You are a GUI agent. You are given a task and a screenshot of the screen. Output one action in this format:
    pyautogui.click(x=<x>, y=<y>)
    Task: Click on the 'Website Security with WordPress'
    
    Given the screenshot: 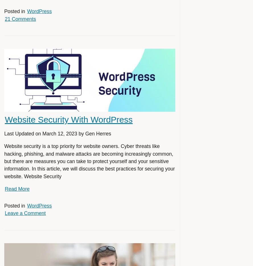 What is the action you would take?
    pyautogui.click(x=5, y=119)
    